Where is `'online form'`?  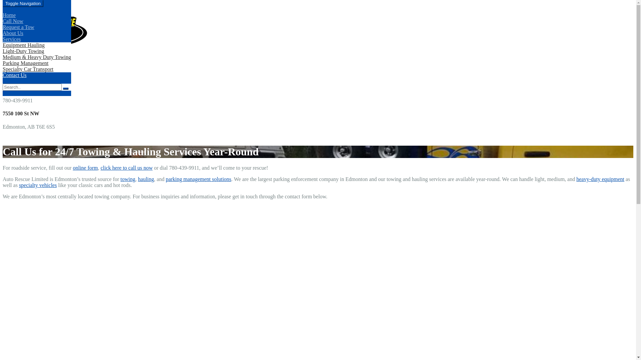
'online form' is located at coordinates (85, 167).